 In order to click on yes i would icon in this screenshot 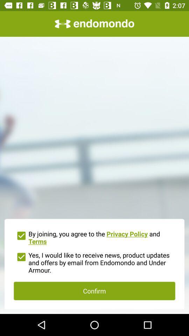, I will do `click(94, 261)`.